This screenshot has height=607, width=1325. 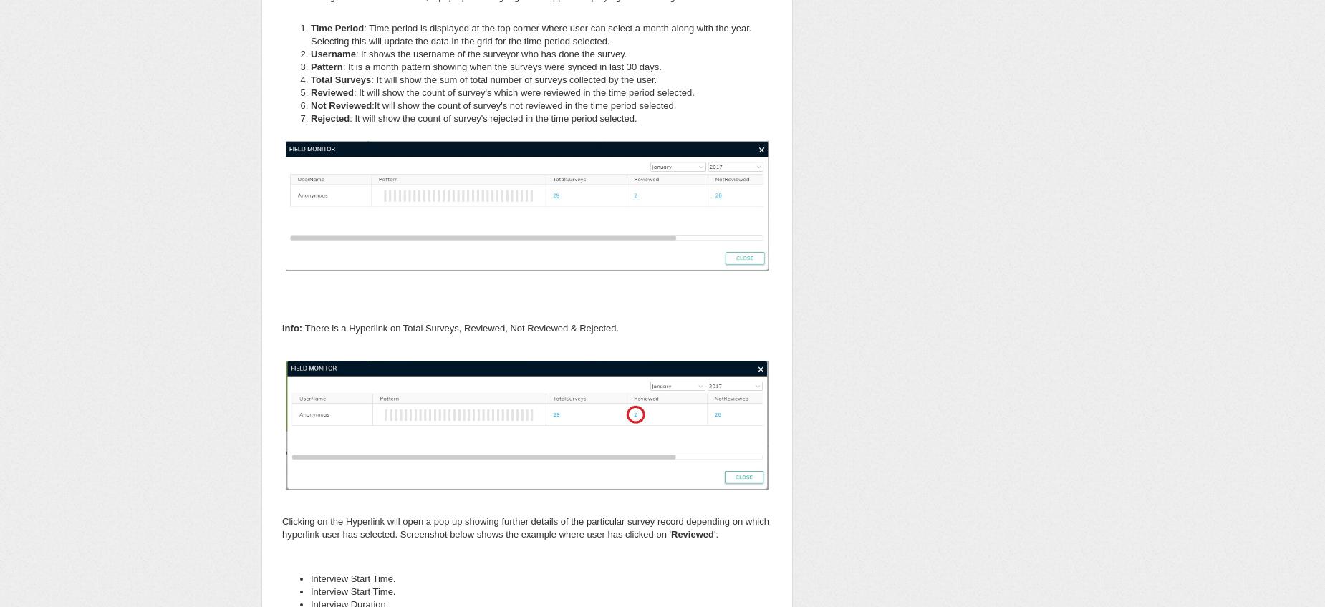 I want to click on 'Clicking on the Hyperlink will open a pop up showing further details of the particular survey record depending on which hyperlink user has selected. Screenshot below shows the example where user has clicked on '', so click(x=526, y=528).